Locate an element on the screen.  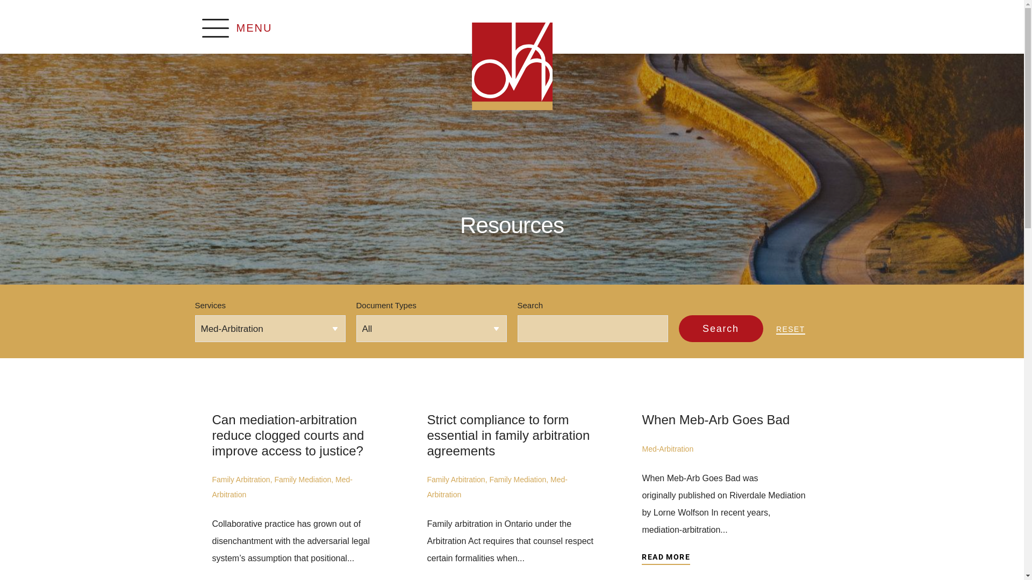
'READ MORE' is located at coordinates (642, 558).